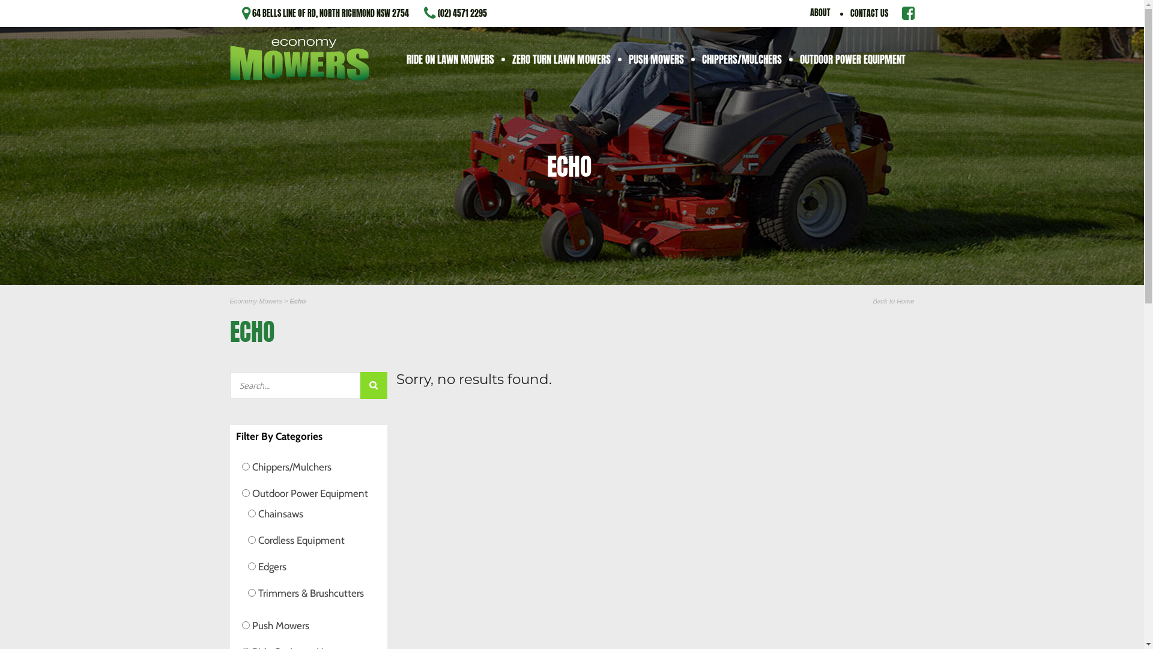  Describe the element at coordinates (656, 58) in the screenshot. I see `'PUSH MOWERS'` at that location.